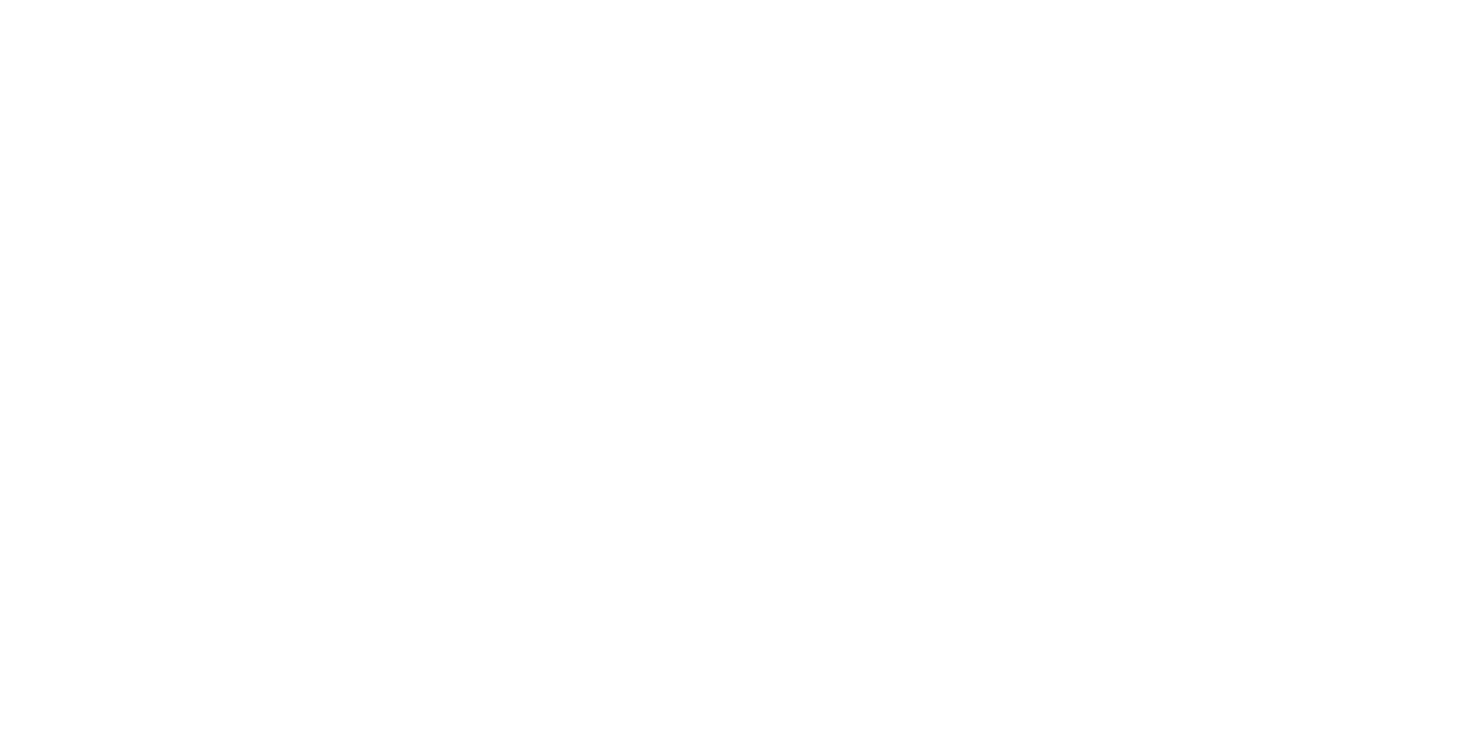  Describe the element at coordinates (1004, 630) in the screenshot. I see `'(29)'` at that location.